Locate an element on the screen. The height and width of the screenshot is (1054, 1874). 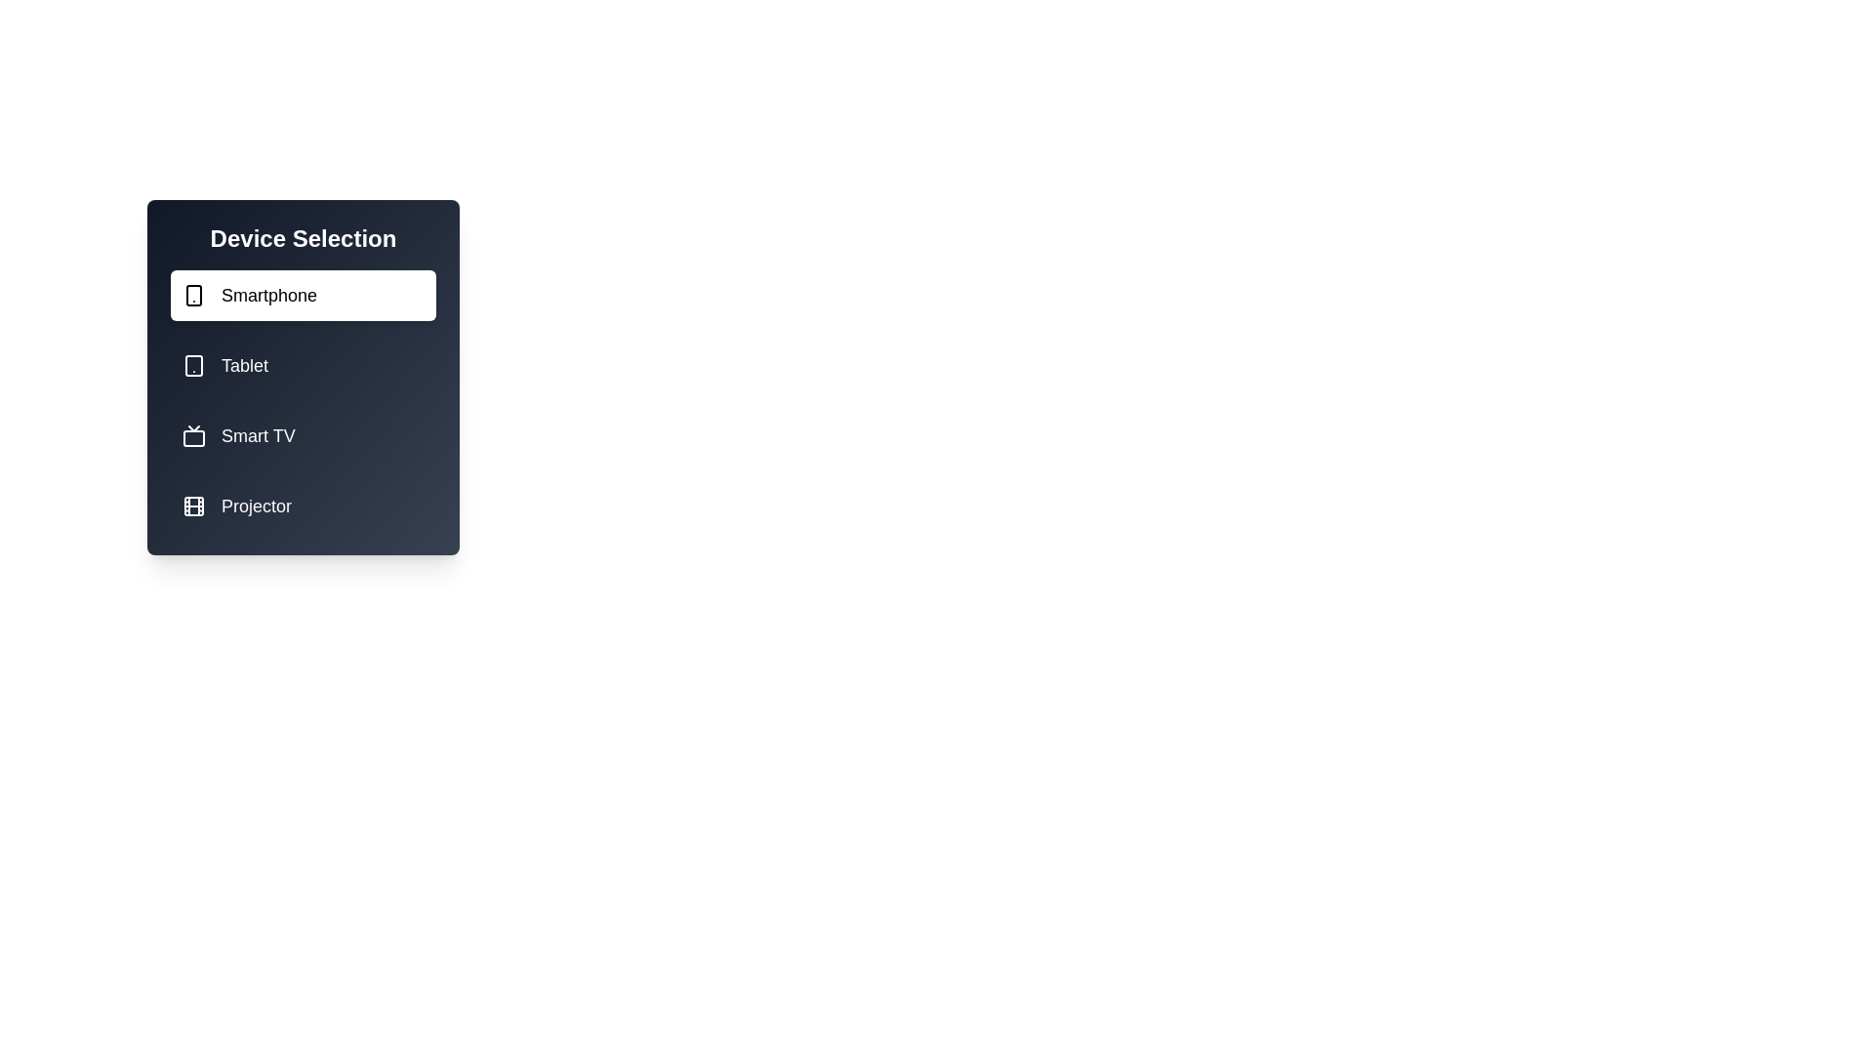
the device corresponding to Tablet by clicking on its icon or label is located at coordinates (303, 365).